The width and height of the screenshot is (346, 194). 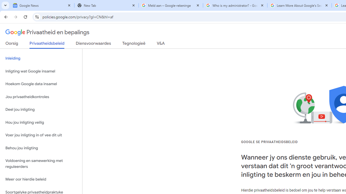 I want to click on 'Deel jou inligting', so click(x=41, y=109).